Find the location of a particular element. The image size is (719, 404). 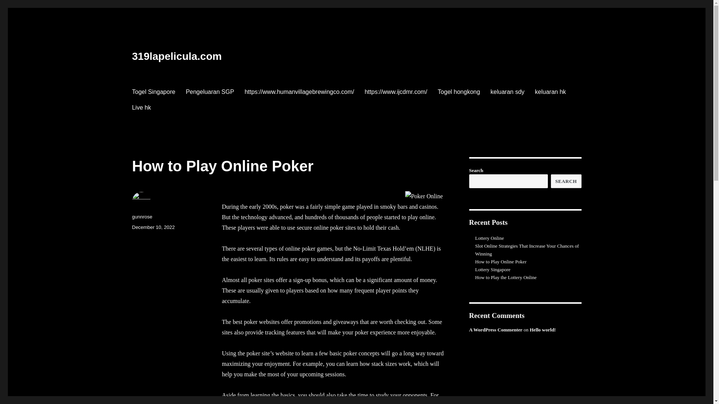

'A WordPress Commenter' is located at coordinates (495, 329).